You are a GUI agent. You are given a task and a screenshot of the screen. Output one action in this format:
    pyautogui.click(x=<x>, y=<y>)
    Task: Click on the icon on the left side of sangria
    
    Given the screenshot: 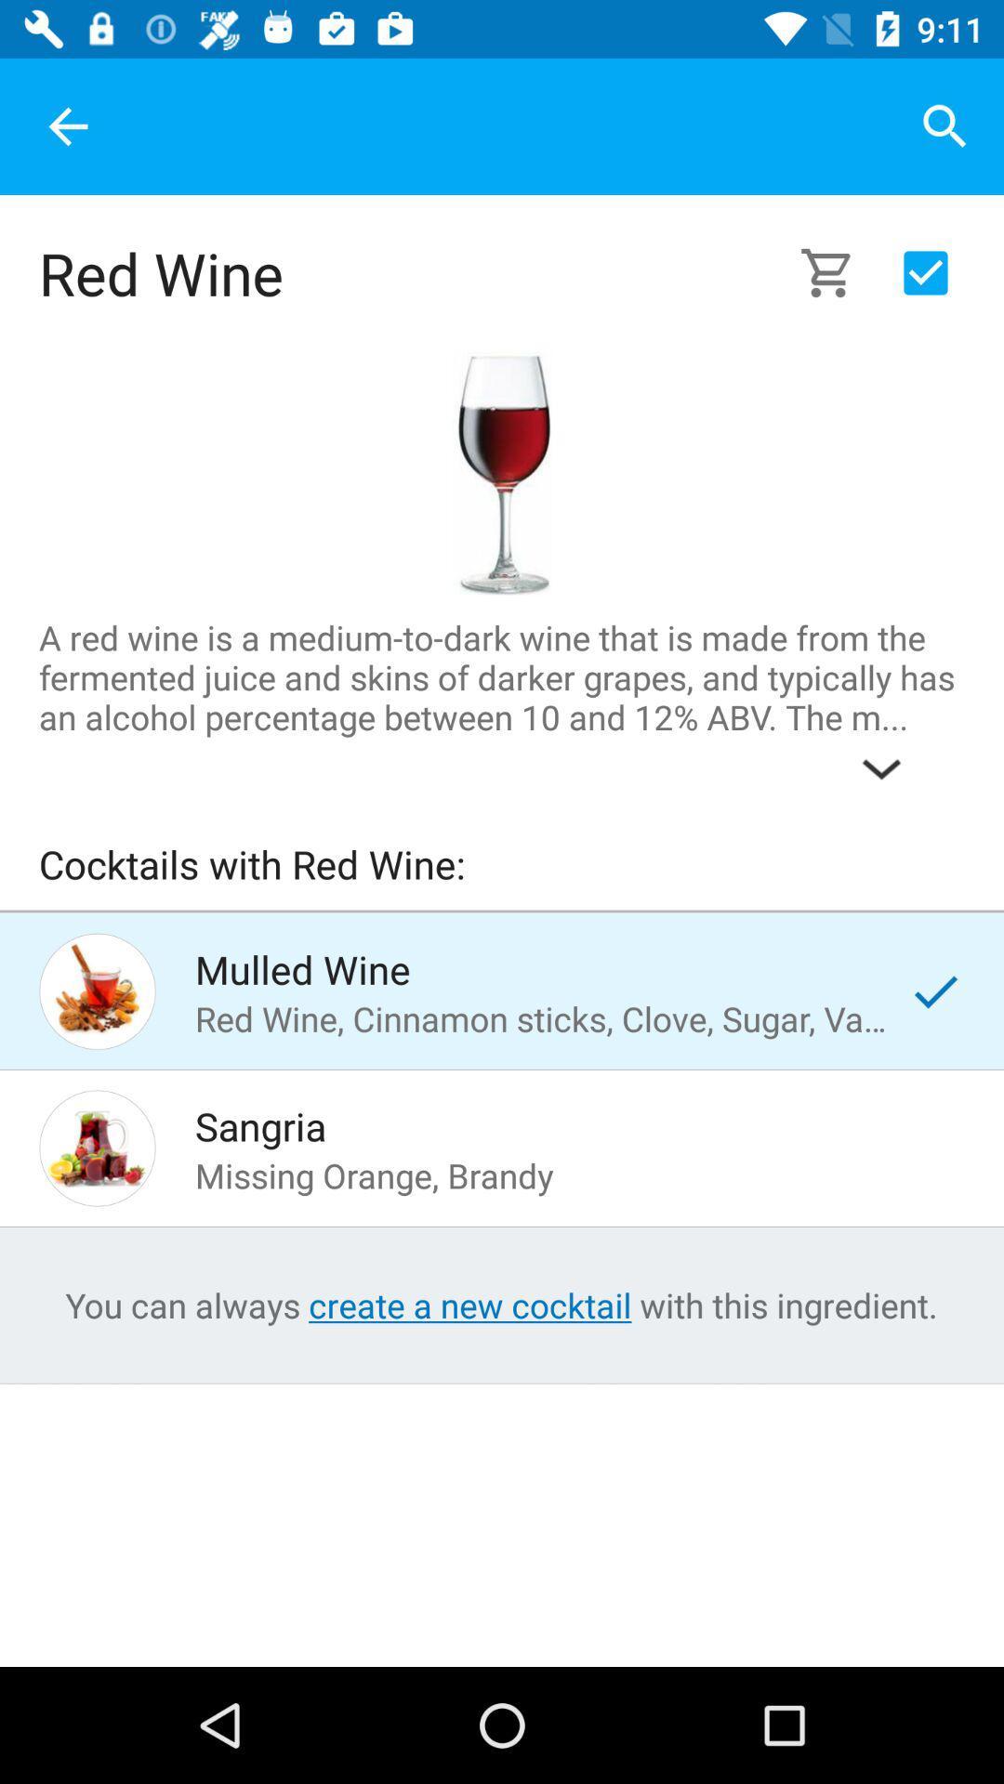 What is the action you would take?
    pyautogui.click(x=97, y=1147)
    